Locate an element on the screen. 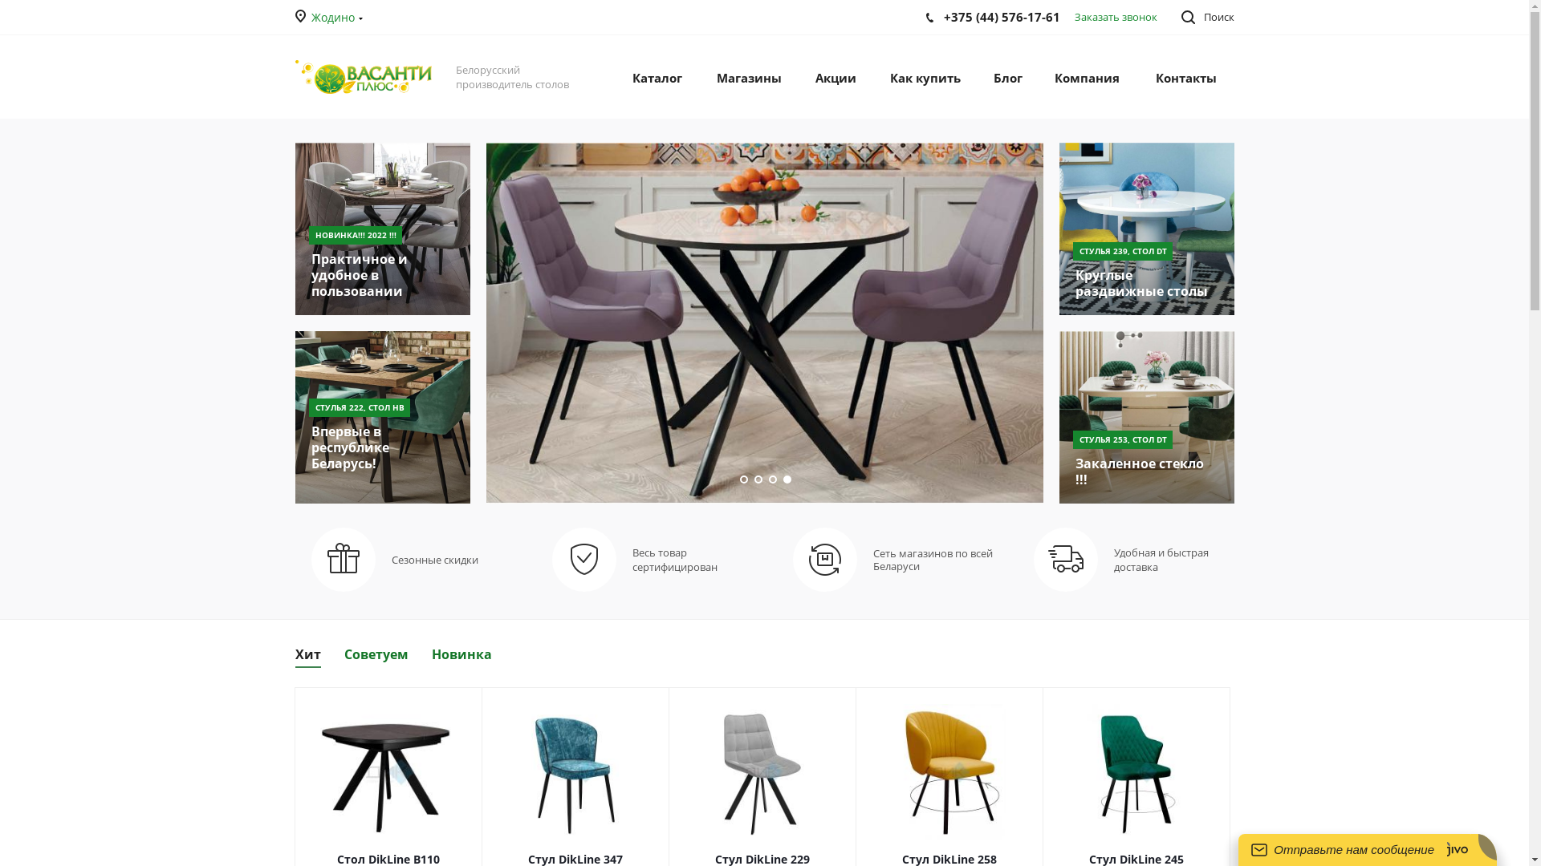 This screenshot has width=1541, height=866. '4' is located at coordinates (787, 478).